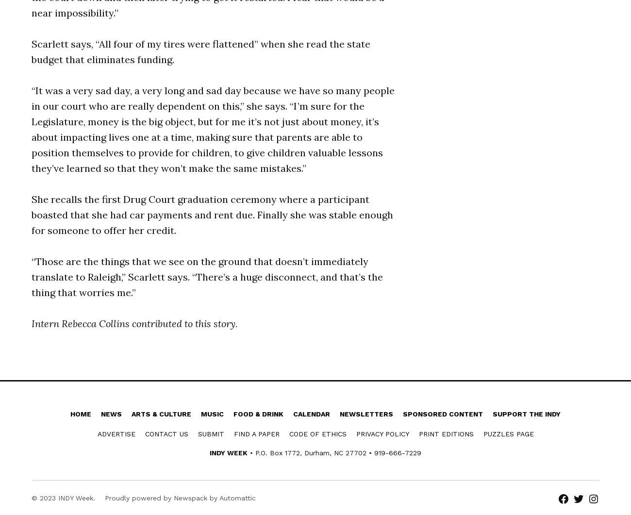 This screenshot has height=515, width=631. Describe the element at coordinates (207, 276) in the screenshot. I see `'“Those are the things that we see on the ground that doesn’t immediately translate to Raleigh,” Scarlett says. “There’s a huge disconnect, and that’s the thing that worries me.”'` at that location.